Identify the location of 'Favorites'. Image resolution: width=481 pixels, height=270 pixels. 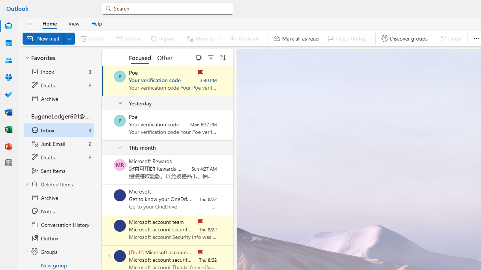
(58, 57).